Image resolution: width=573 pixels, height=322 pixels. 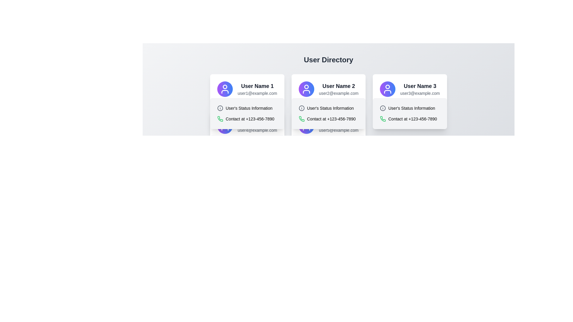 What do you see at coordinates (338, 126) in the screenshot?
I see `displayed text containing the username and email address located on the right side of the second user card in the user directory layout` at bounding box center [338, 126].